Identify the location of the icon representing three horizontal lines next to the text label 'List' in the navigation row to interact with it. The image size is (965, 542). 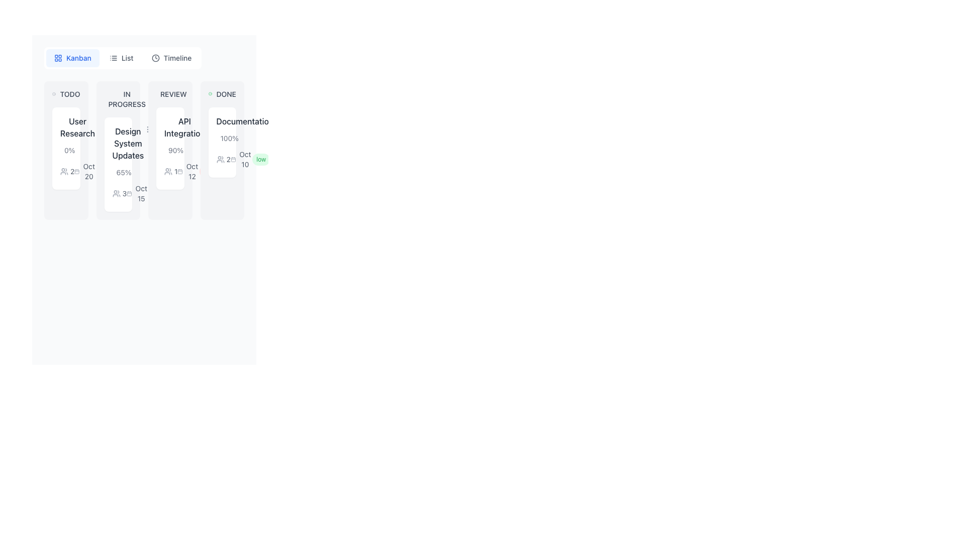
(113, 58).